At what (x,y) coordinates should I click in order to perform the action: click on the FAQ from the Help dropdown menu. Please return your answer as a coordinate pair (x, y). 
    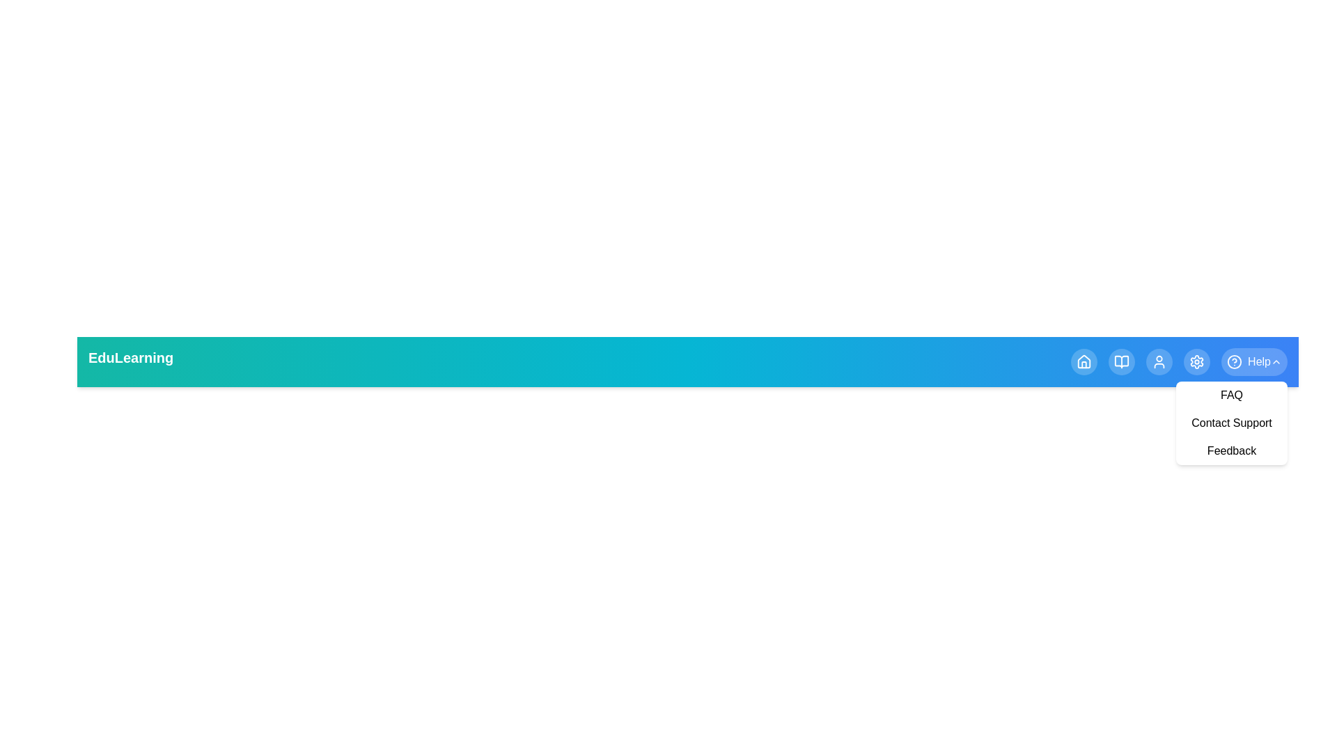
    Looking at the image, I should click on (1232, 395).